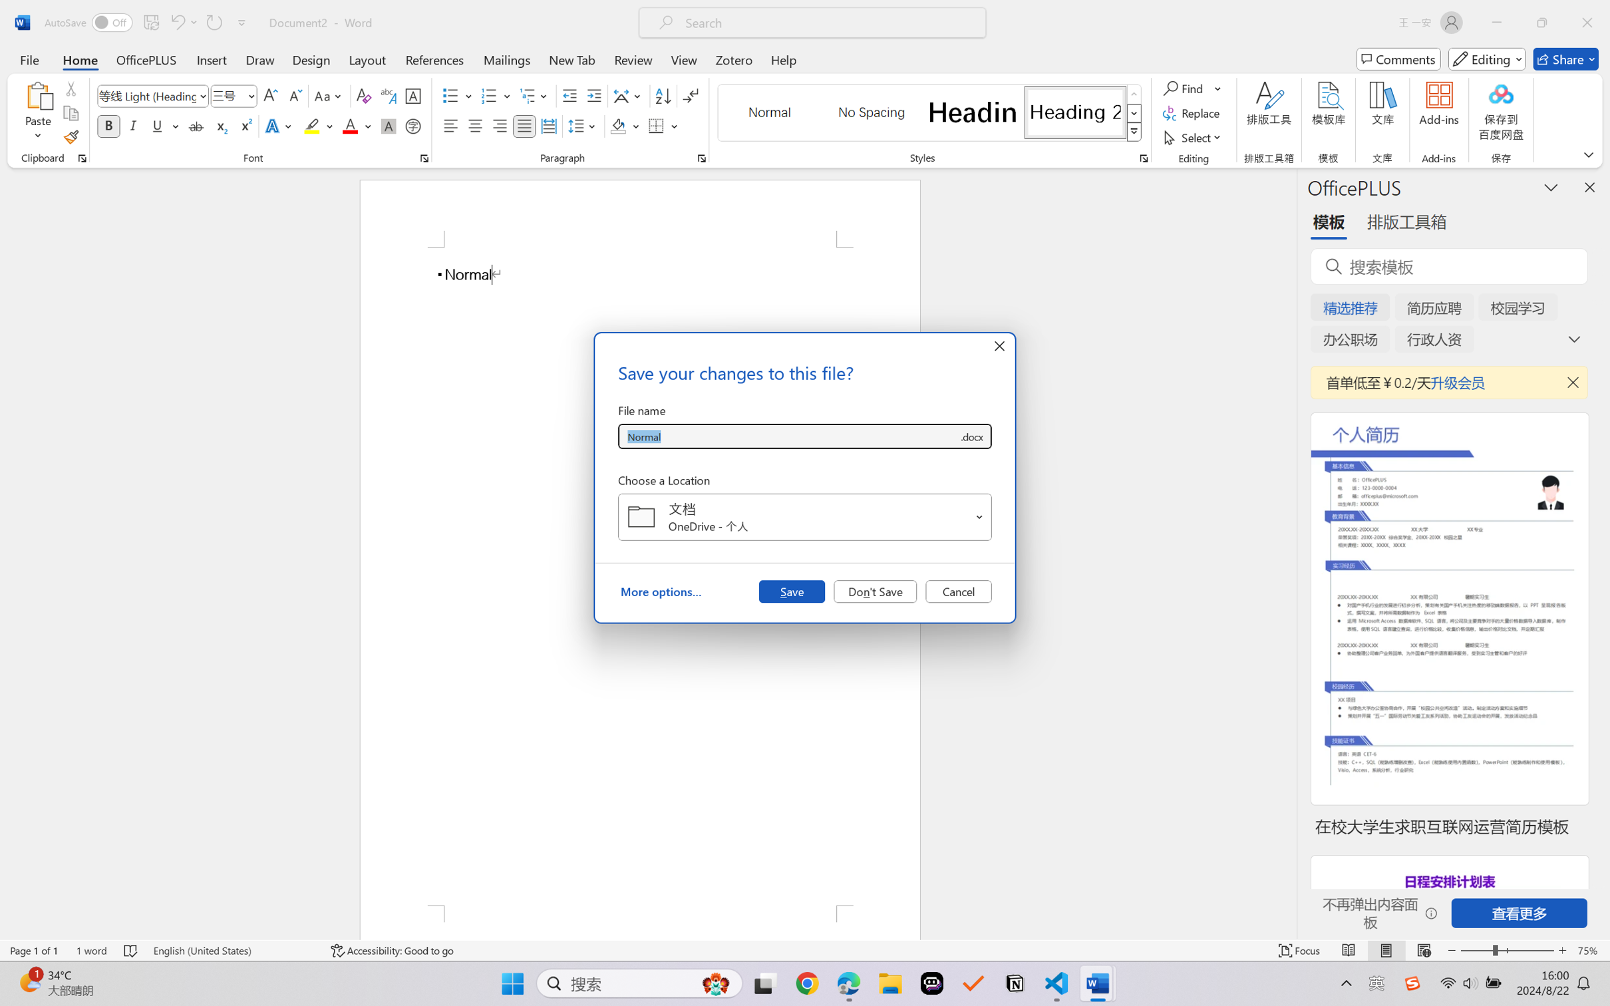 This screenshot has width=1610, height=1006. I want to click on 'Bullets', so click(457, 96).